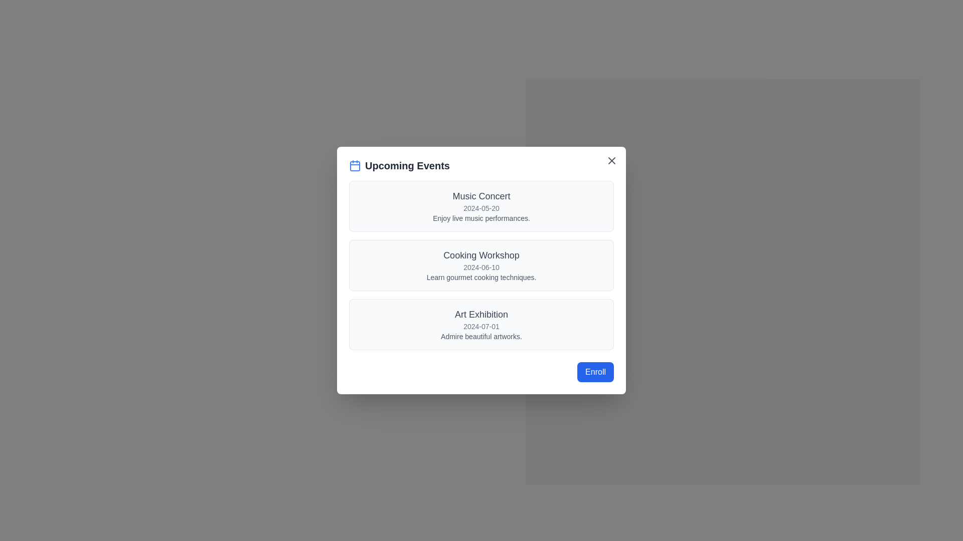 The image size is (963, 541). Describe the element at coordinates (481, 266) in the screenshot. I see `date information displayed in the gray text label showing '2024-06-10', which is located below the 'Cooking Workshop' title and above the description line` at that location.